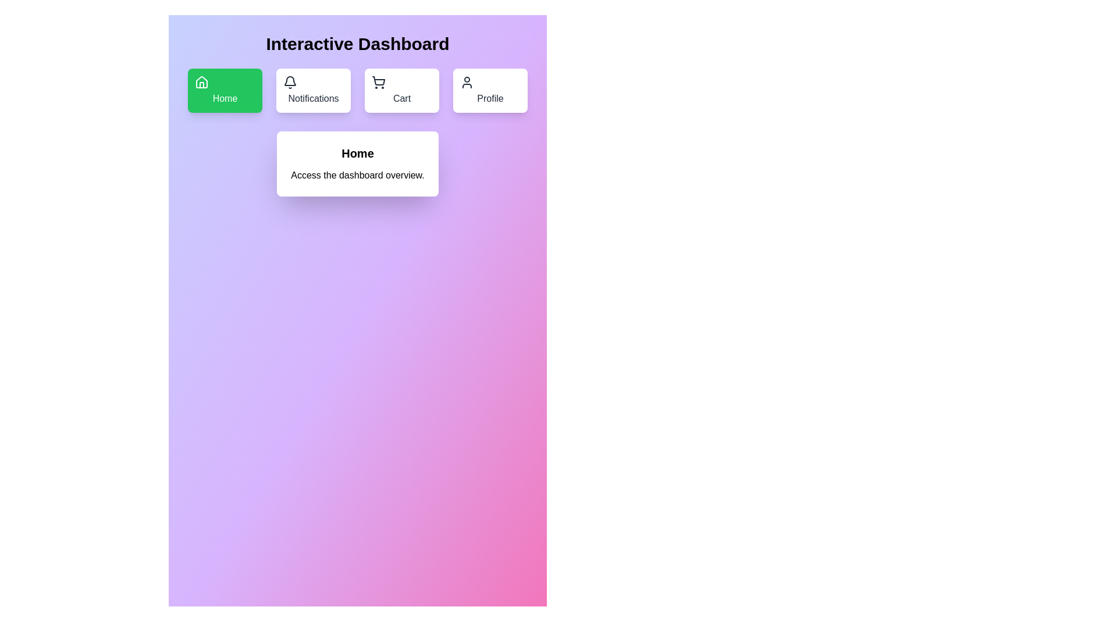  Describe the element at coordinates (402, 90) in the screenshot. I see `the menu option Cart to view its content and details` at that location.